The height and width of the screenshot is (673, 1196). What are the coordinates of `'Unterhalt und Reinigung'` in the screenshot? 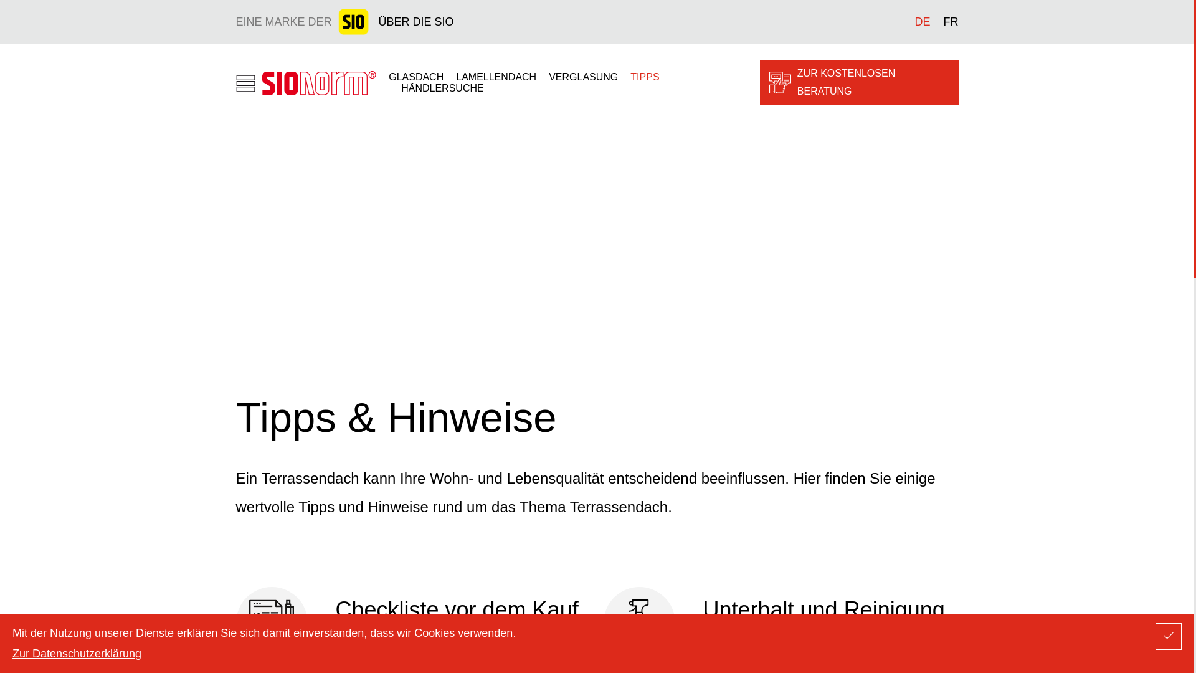 It's located at (779, 623).